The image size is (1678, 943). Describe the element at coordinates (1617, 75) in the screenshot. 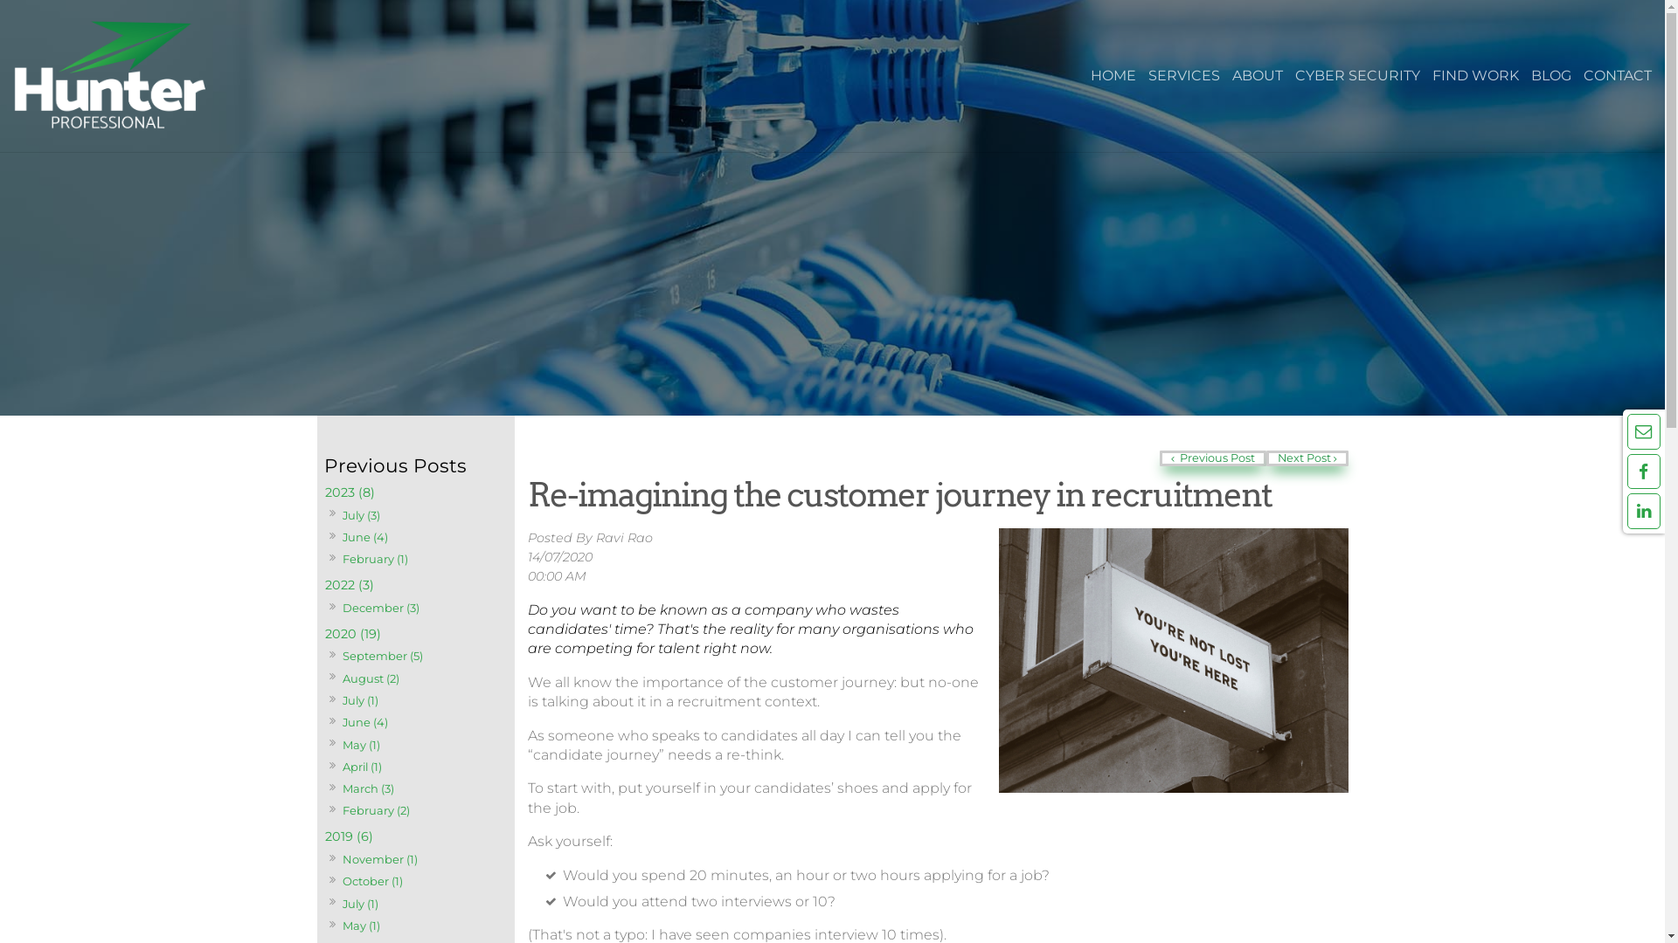

I see `'CONTACT'` at that location.